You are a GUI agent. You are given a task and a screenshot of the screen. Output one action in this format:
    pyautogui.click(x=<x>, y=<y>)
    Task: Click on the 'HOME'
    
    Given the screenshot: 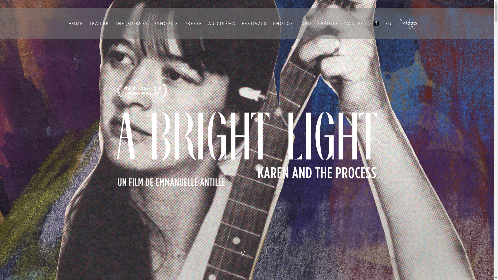 What is the action you would take?
    pyautogui.click(x=75, y=23)
    